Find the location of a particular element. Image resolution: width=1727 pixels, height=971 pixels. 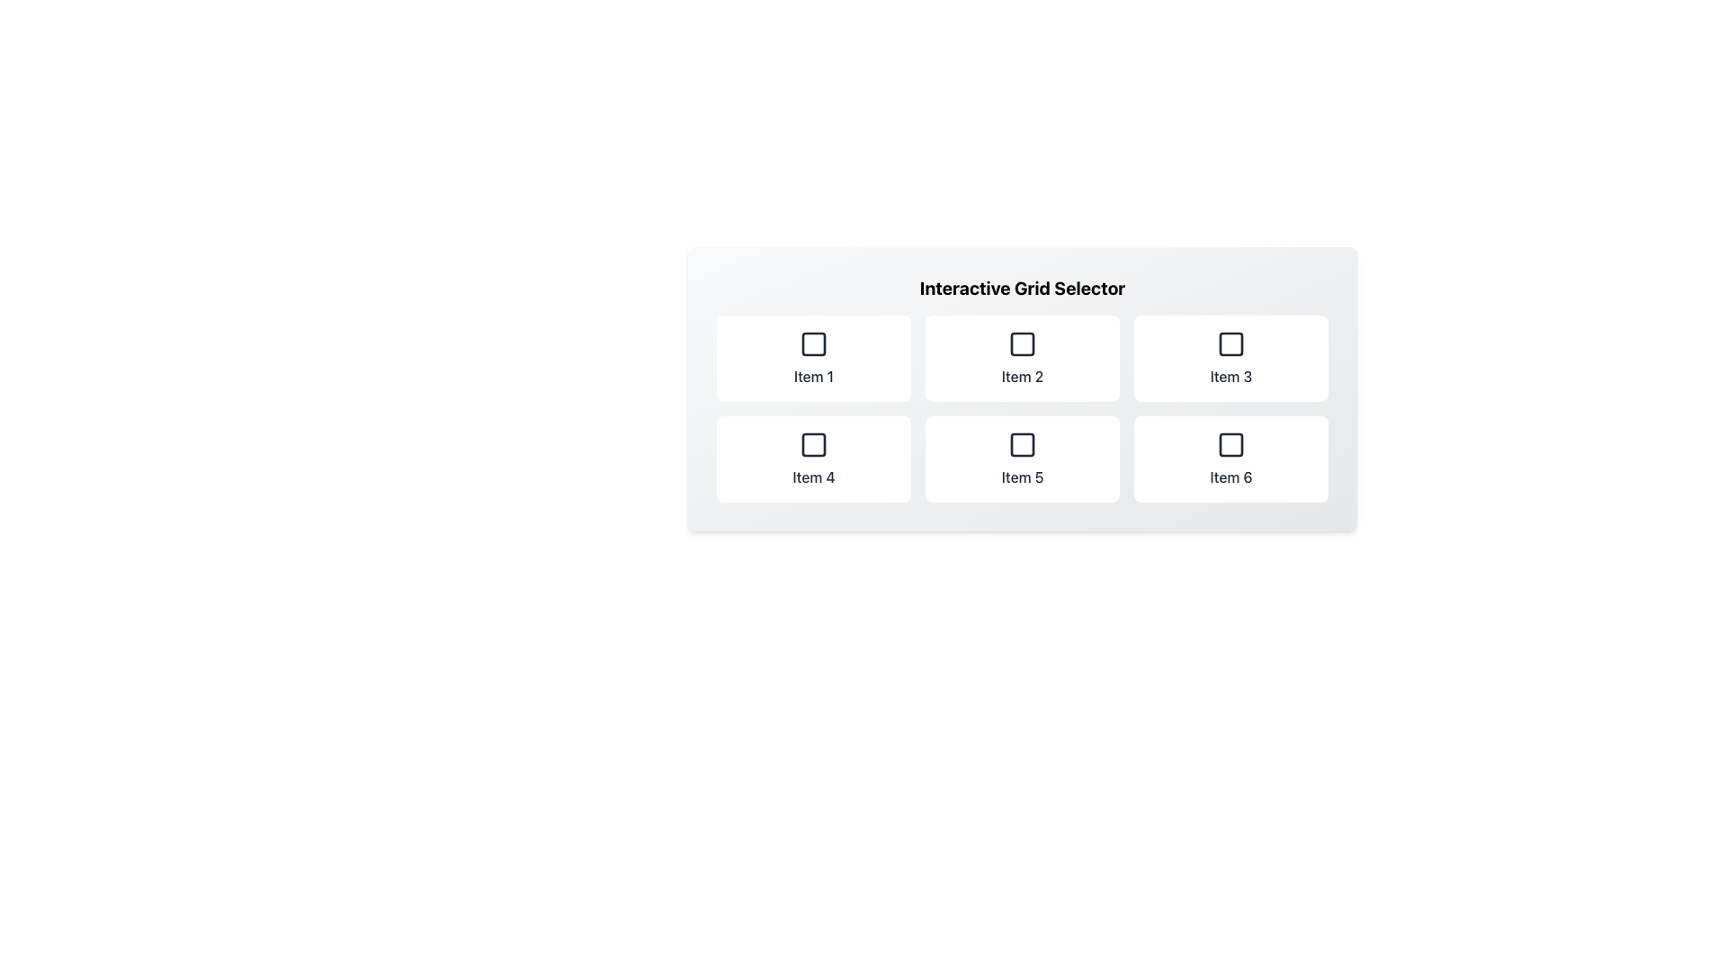

the square-shaped icon with a thin outline and rounded corners associated with the label 'Item 2' is located at coordinates (1023, 343).